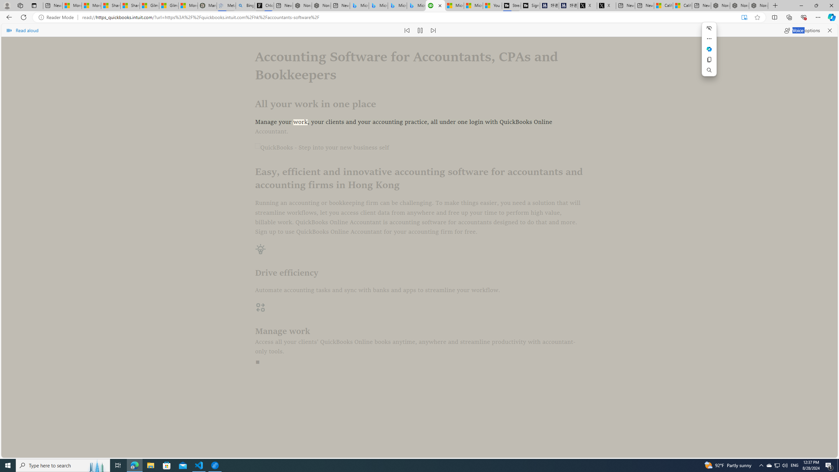 The height and width of the screenshot is (472, 839). What do you see at coordinates (802, 30) in the screenshot?
I see `'Voice options'` at bounding box center [802, 30].